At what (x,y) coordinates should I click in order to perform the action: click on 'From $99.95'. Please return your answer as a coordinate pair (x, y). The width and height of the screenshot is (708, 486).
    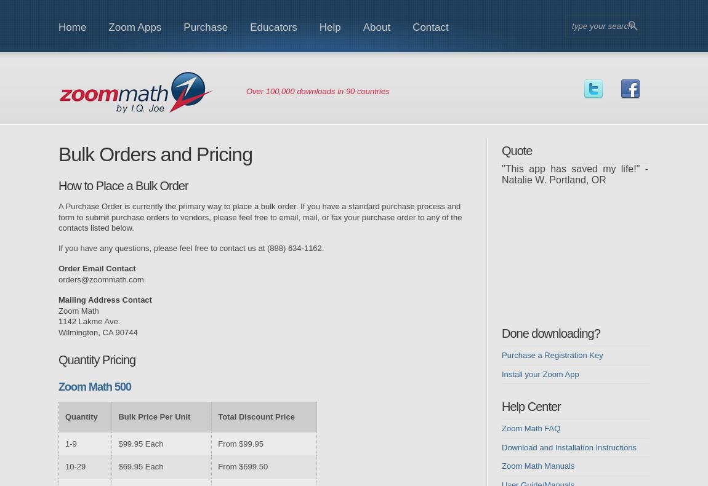
    Looking at the image, I should click on (240, 442).